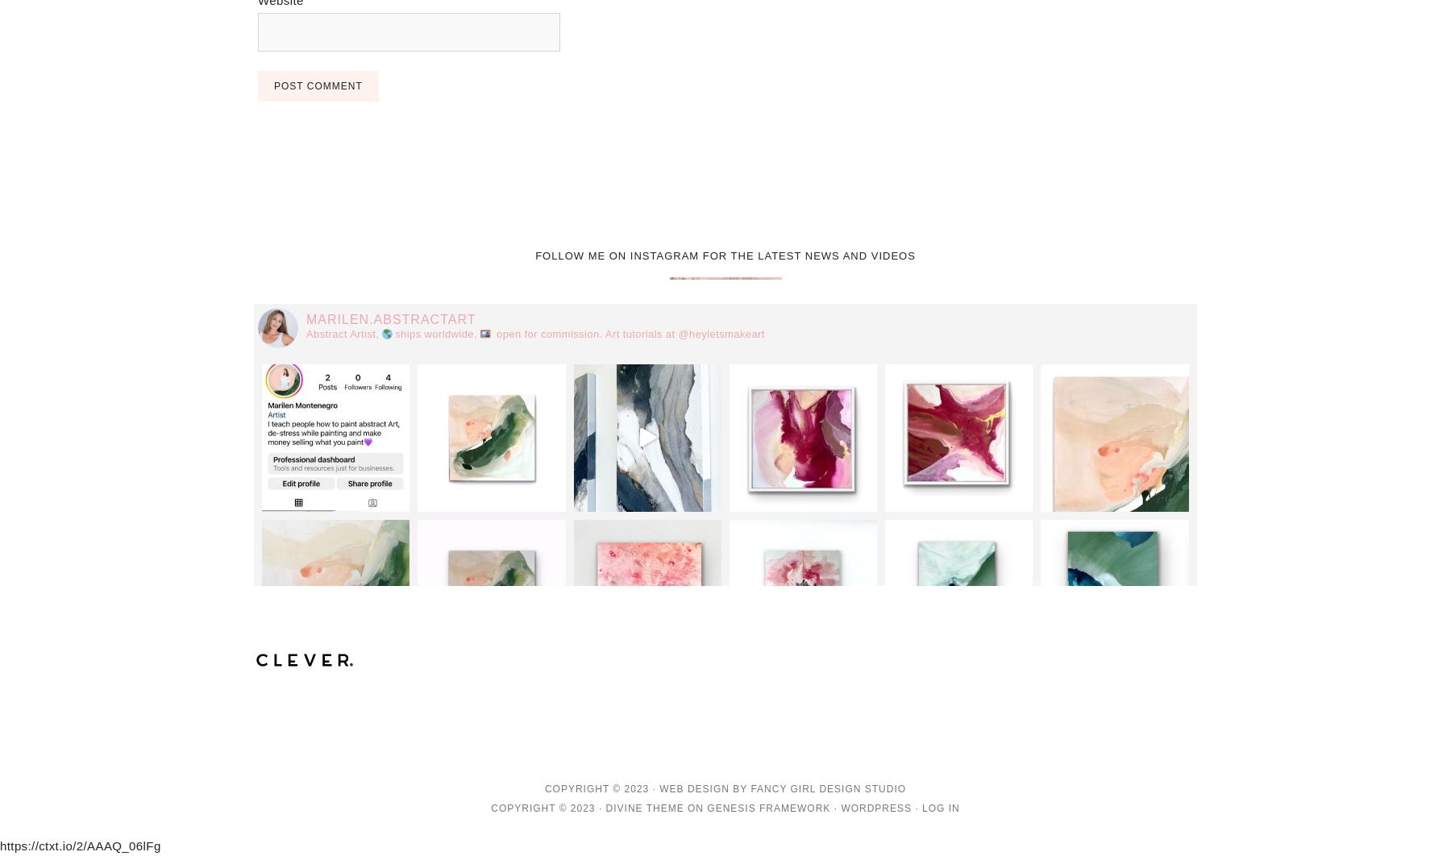 The image size is (1451, 856). What do you see at coordinates (437, 333) in the screenshot?
I see `'ships worldwide,'` at bounding box center [437, 333].